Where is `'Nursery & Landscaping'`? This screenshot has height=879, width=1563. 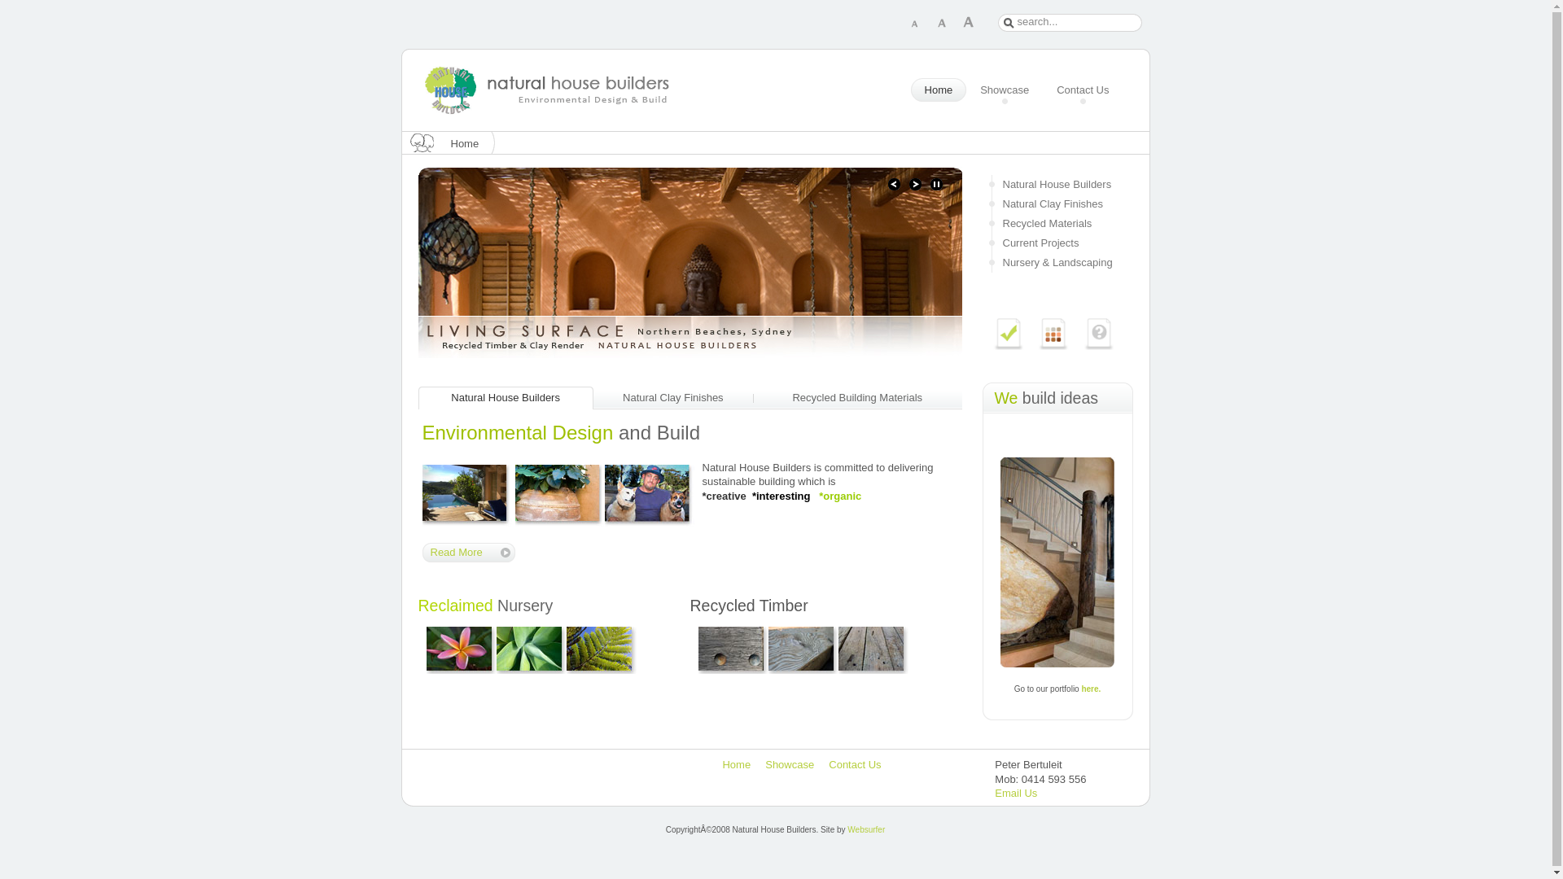 'Nursery & Landscaping' is located at coordinates (1057, 262).